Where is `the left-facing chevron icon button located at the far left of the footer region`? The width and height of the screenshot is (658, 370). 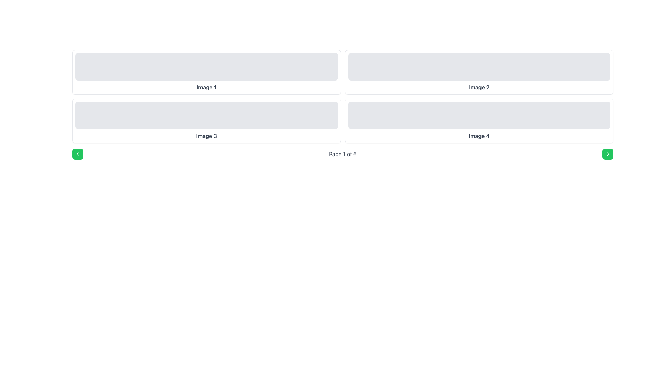 the left-facing chevron icon button located at the far left of the footer region is located at coordinates (77, 154).